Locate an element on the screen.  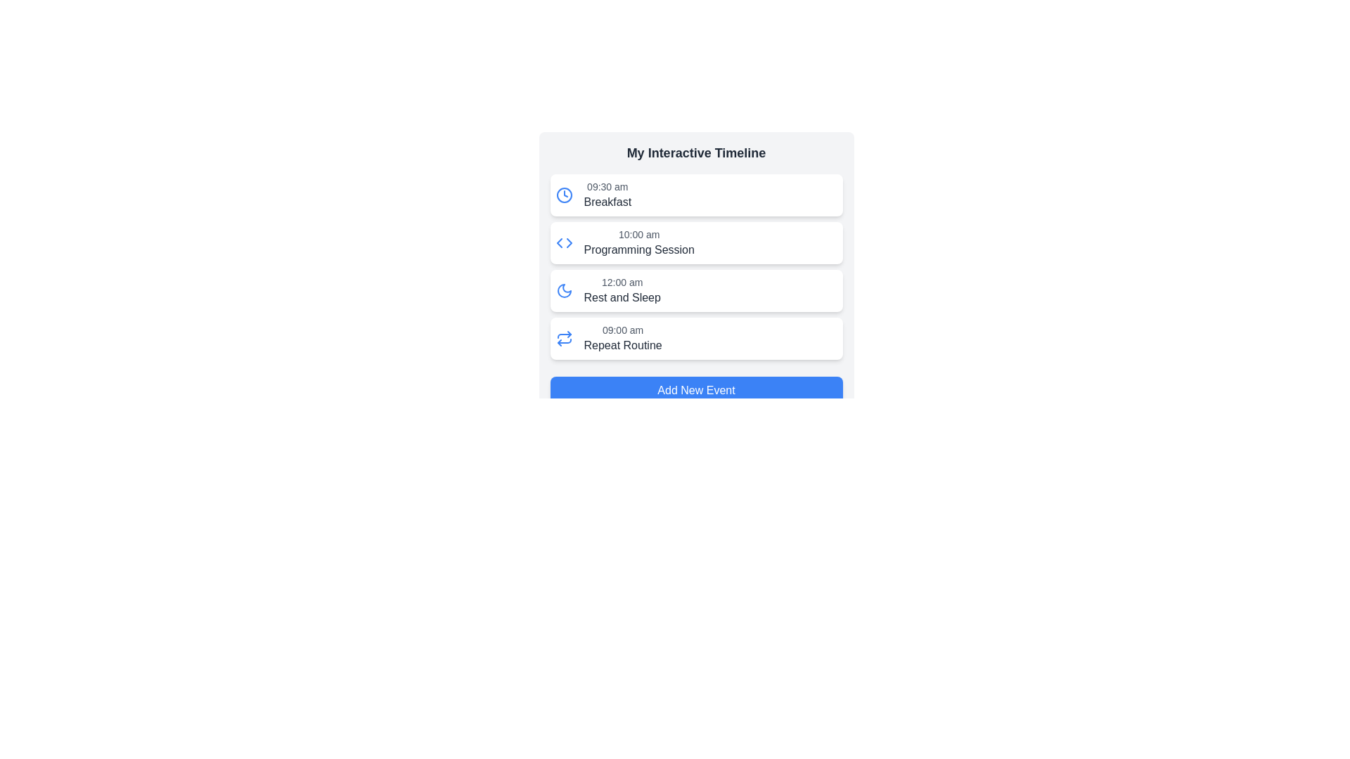
the moon icon located in the top-left corner of the interface, adjacent to a timestamp and text description of an event is located at coordinates (564, 290).